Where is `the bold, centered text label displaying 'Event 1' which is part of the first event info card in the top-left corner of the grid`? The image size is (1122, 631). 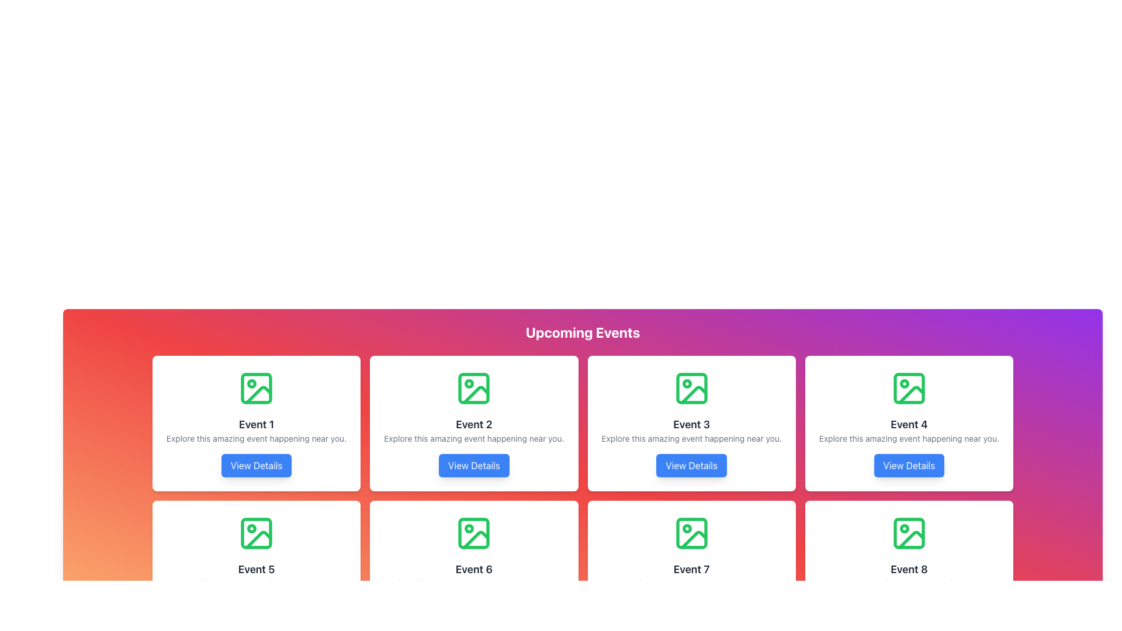 the bold, centered text label displaying 'Event 1' which is part of the first event info card in the top-left corner of the grid is located at coordinates (256, 424).